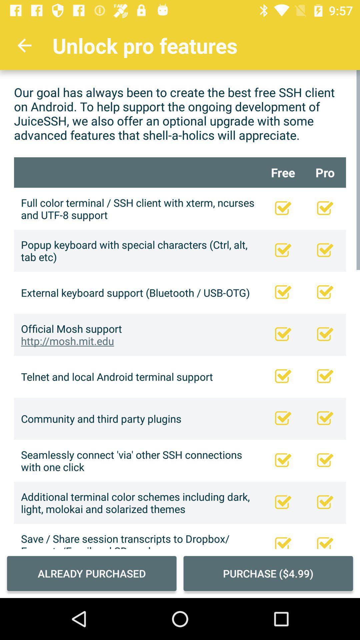 This screenshot has width=360, height=640. Describe the element at coordinates (24, 45) in the screenshot. I see `icon next to unlock pro features` at that location.